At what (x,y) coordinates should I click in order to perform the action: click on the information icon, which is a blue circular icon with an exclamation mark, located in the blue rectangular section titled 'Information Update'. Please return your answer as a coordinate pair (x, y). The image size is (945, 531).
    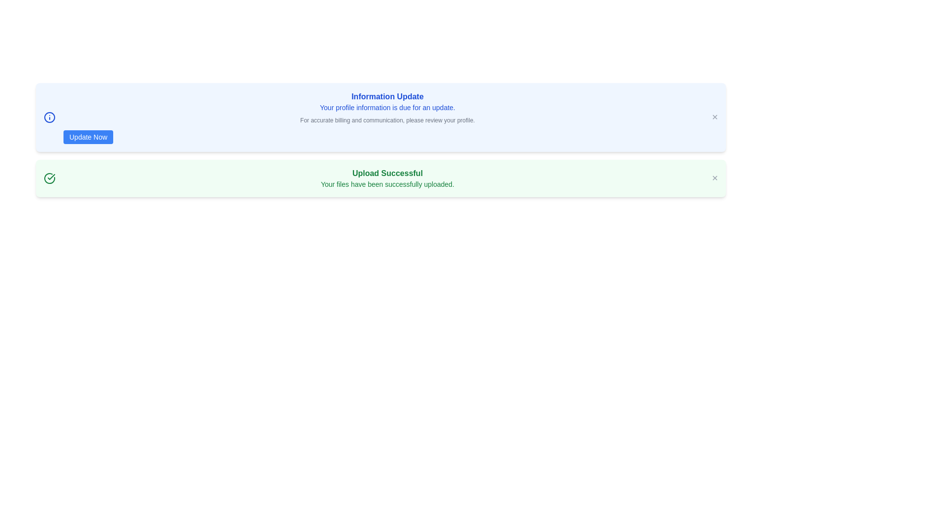
    Looking at the image, I should click on (49, 117).